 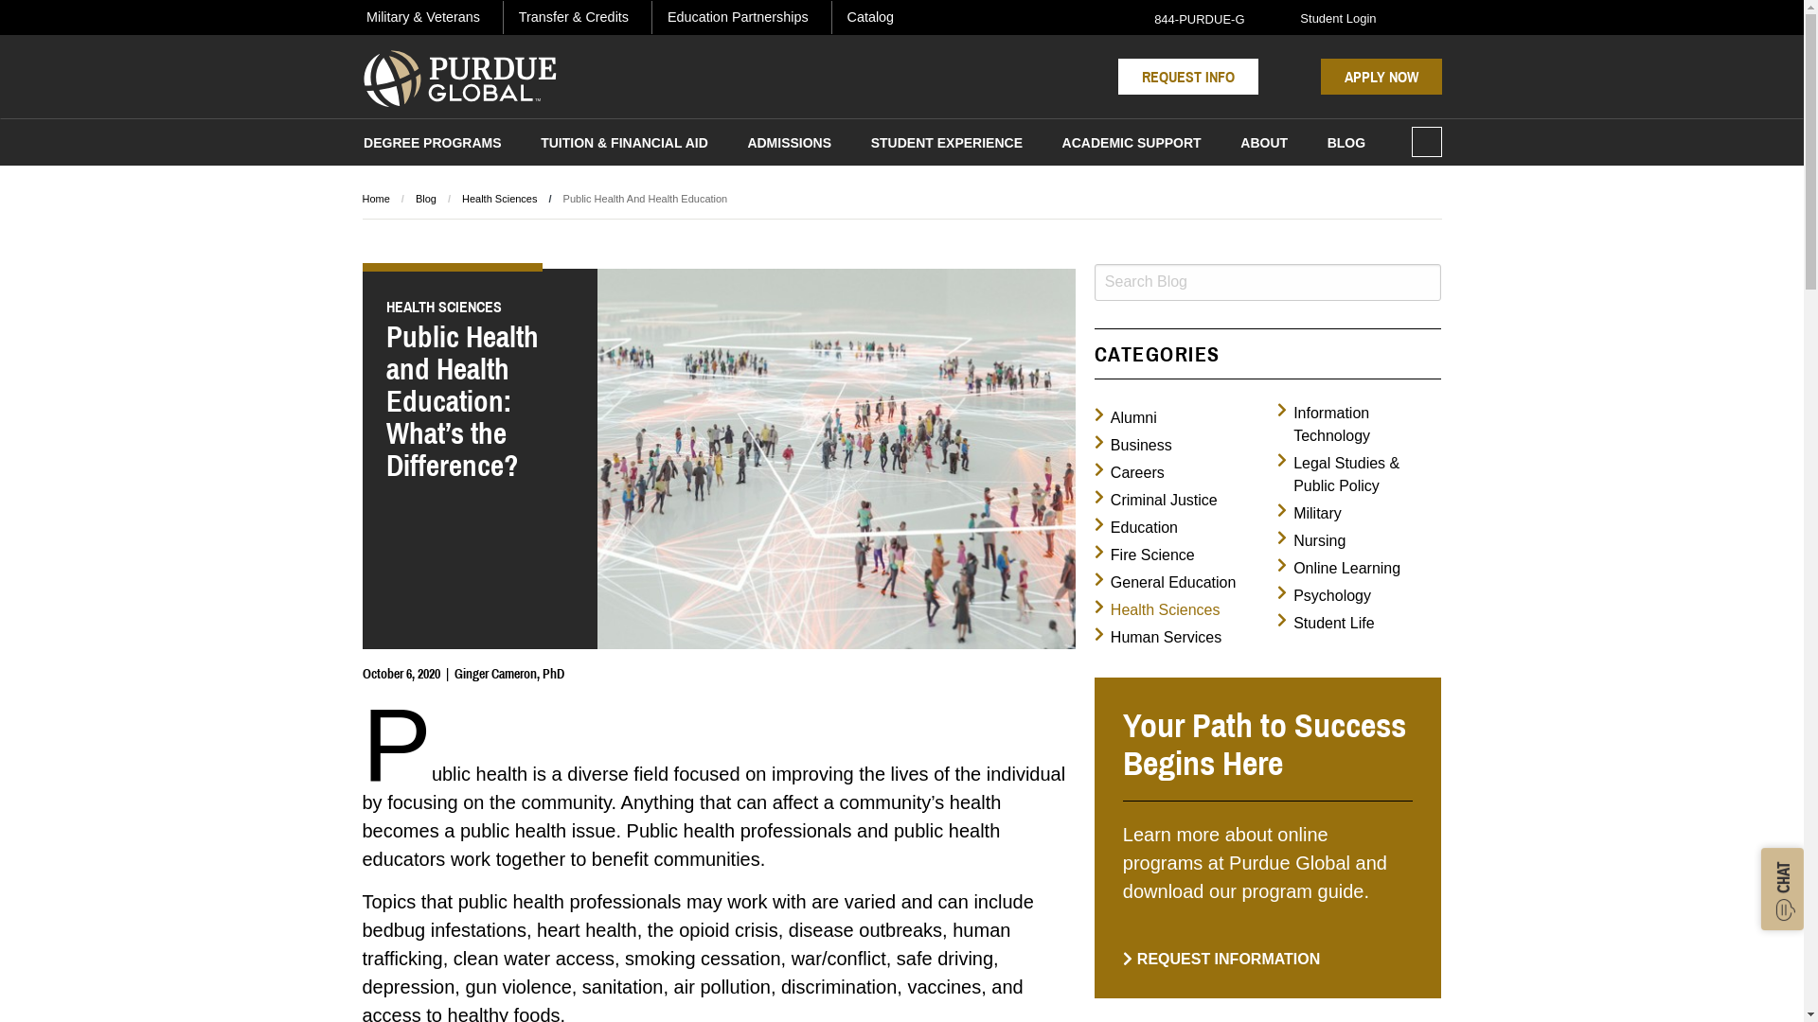 I want to click on 'General Education', so click(x=1164, y=582).